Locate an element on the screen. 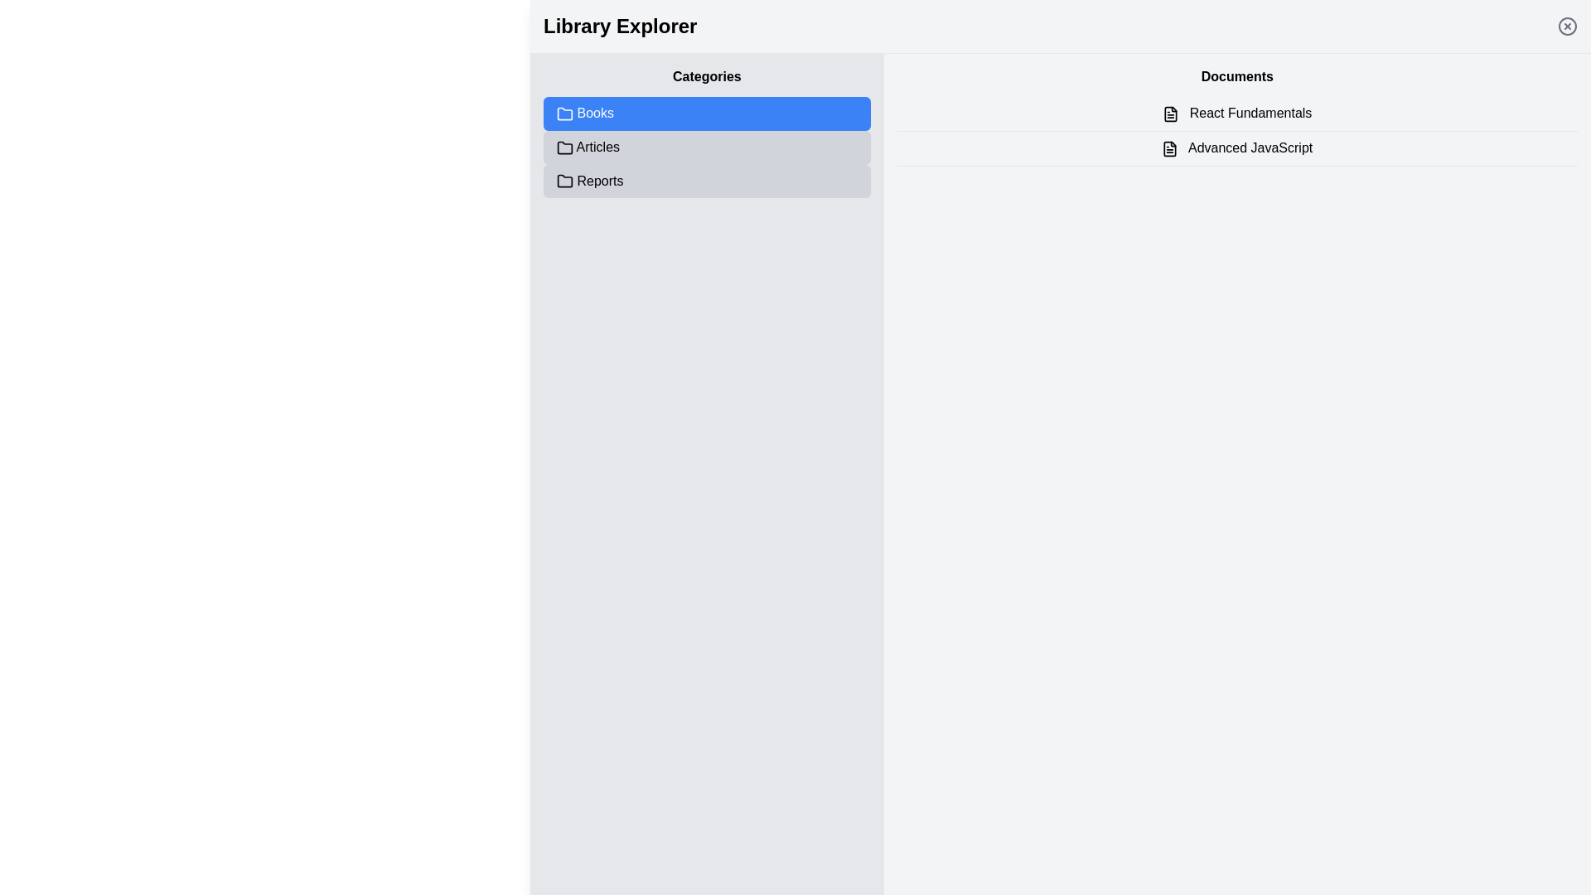 Image resolution: width=1591 pixels, height=895 pixels. the folder icon representing the 'Books' category in the 'Library Explorer' section is located at coordinates (564, 113).